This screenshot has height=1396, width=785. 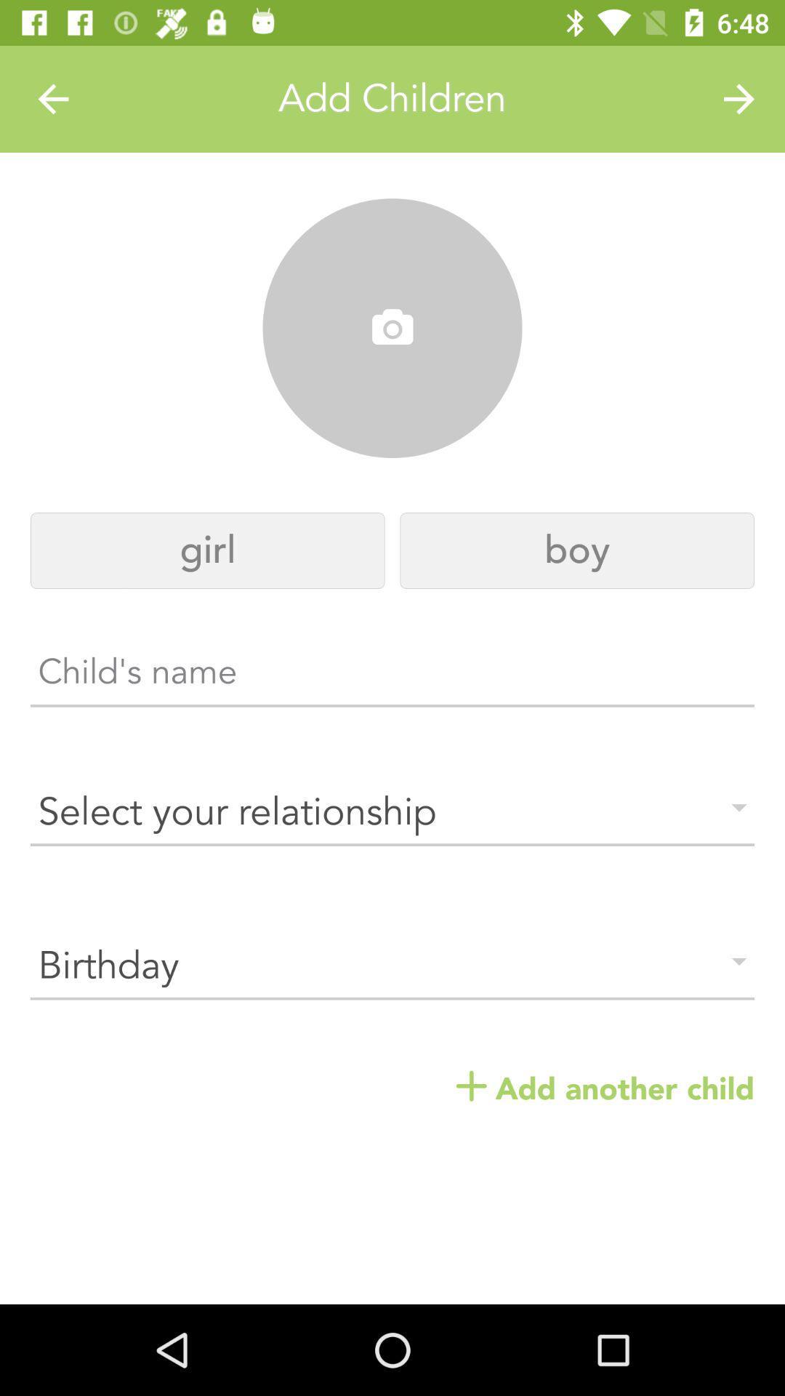 What do you see at coordinates (605, 1088) in the screenshot?
I see `the text add another child` at bounding box center [605, 1088].